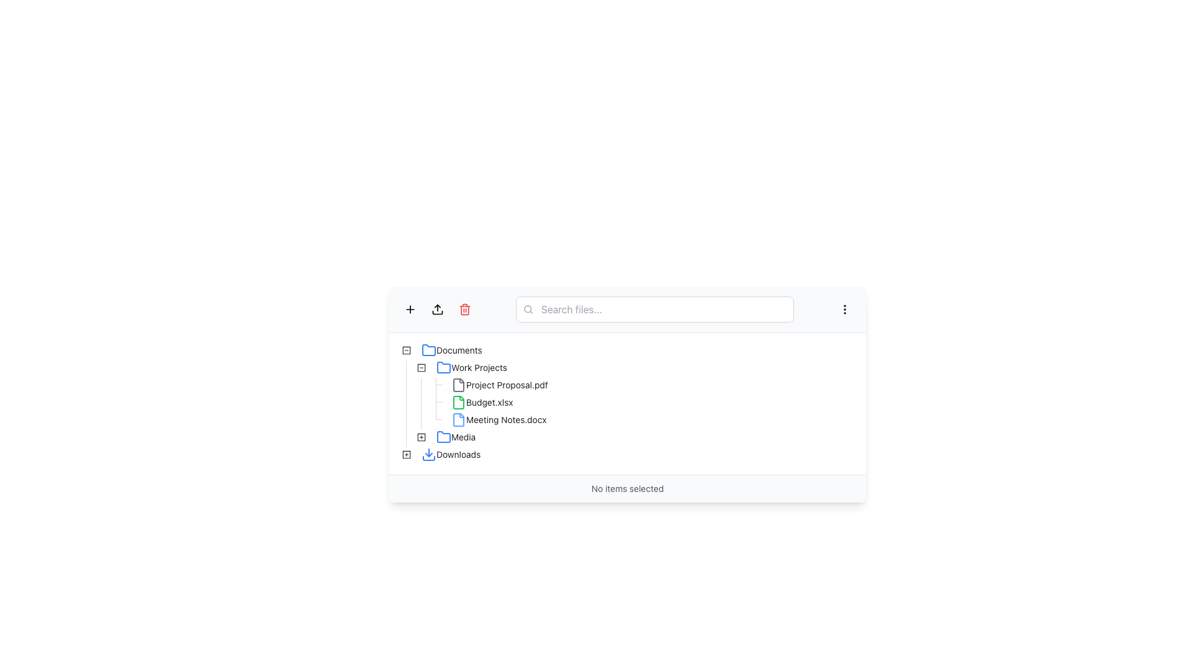 Image resolution: width=1192 pixels, height=670 pixels. What do you see at coordinates (528, 308) in the screenshot?
I see `the Search Icon located on the left side of the text input field, which symbolizes the search action` at bounding box center [528, 308].